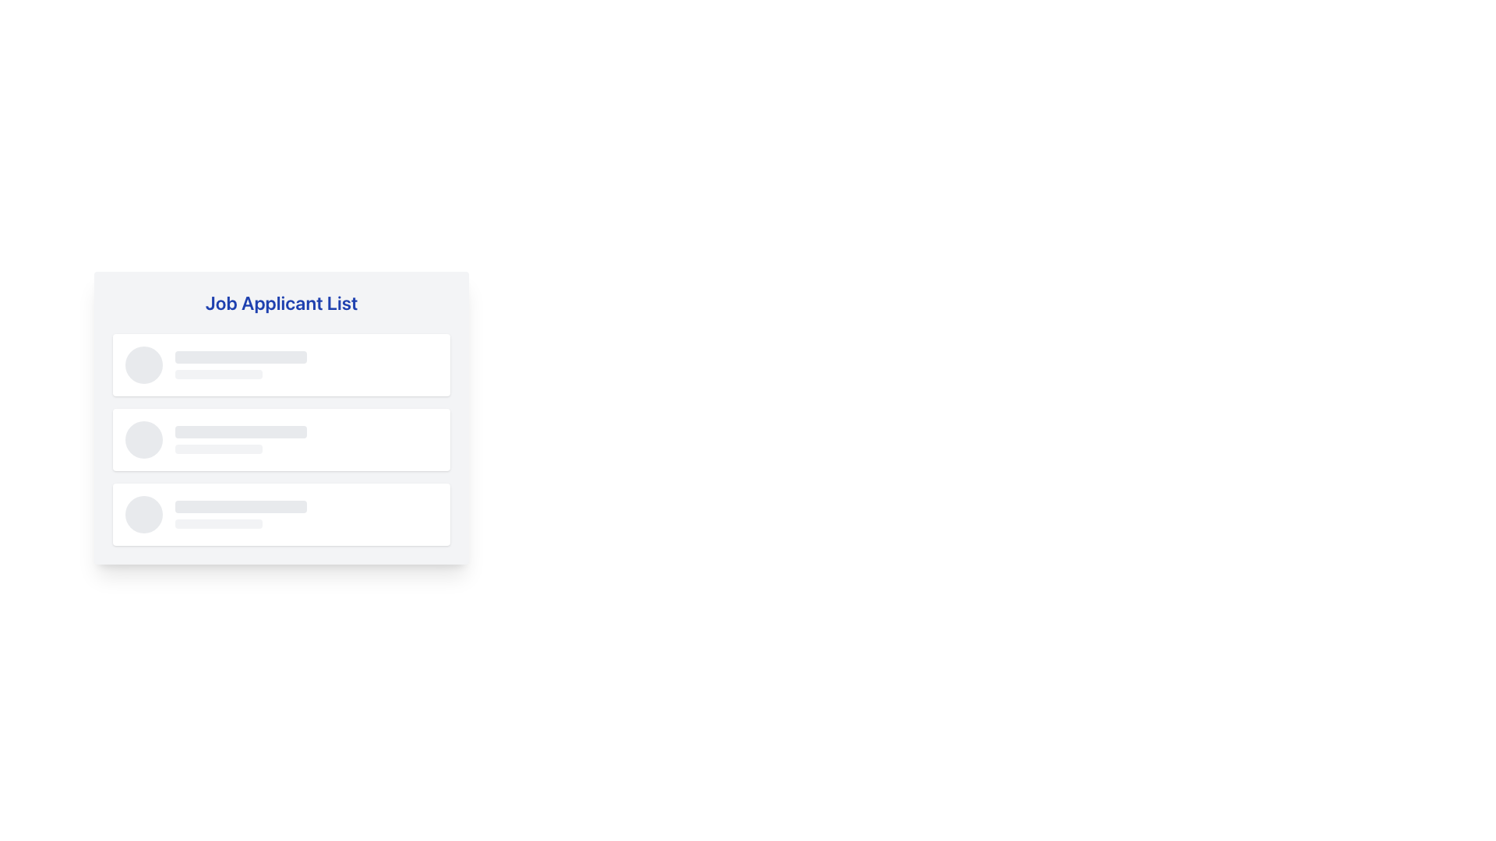 This screenshot has height=841, width=1496. What do you see at coordinates (306, 439) in the screenshot?
I see `the gray rounded rectangle placeholder block in the Job Applicant List, which is located to the right of the avatar placeholder` at bounding box center [306, 439].